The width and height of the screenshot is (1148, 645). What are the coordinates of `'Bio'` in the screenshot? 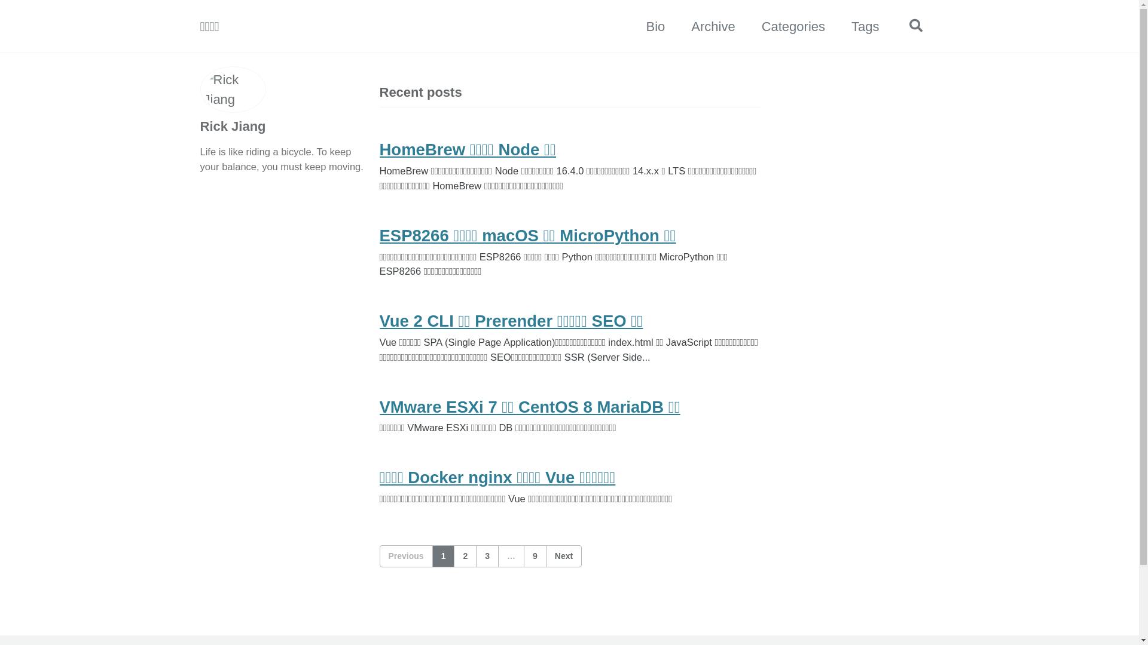 It's located at (654, 26).